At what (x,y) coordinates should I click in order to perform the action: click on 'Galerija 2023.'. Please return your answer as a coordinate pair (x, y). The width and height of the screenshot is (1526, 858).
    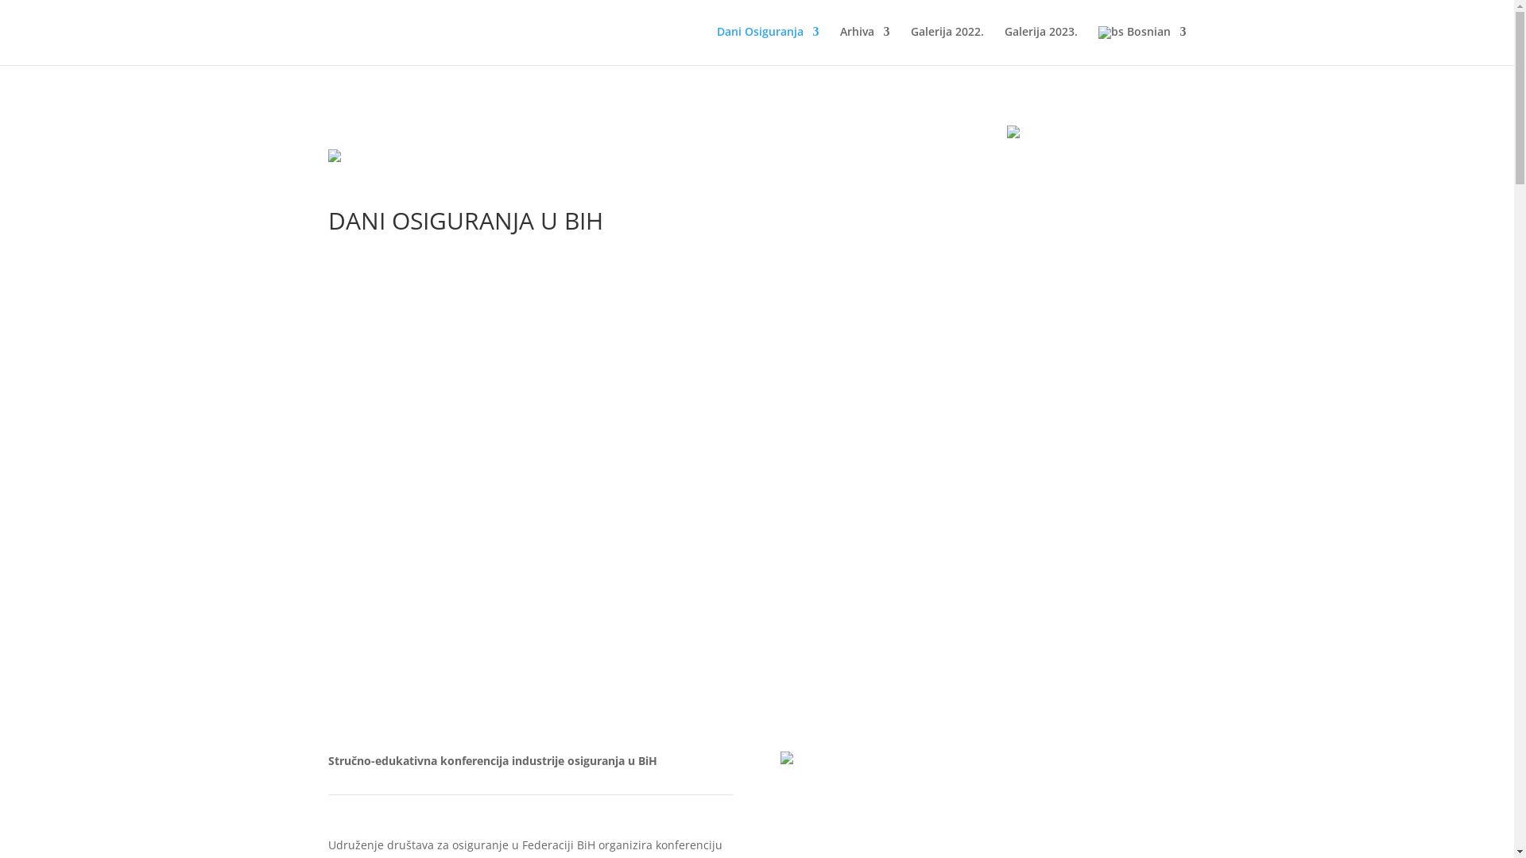
    Looking at the image, I should click on (1003, 44).